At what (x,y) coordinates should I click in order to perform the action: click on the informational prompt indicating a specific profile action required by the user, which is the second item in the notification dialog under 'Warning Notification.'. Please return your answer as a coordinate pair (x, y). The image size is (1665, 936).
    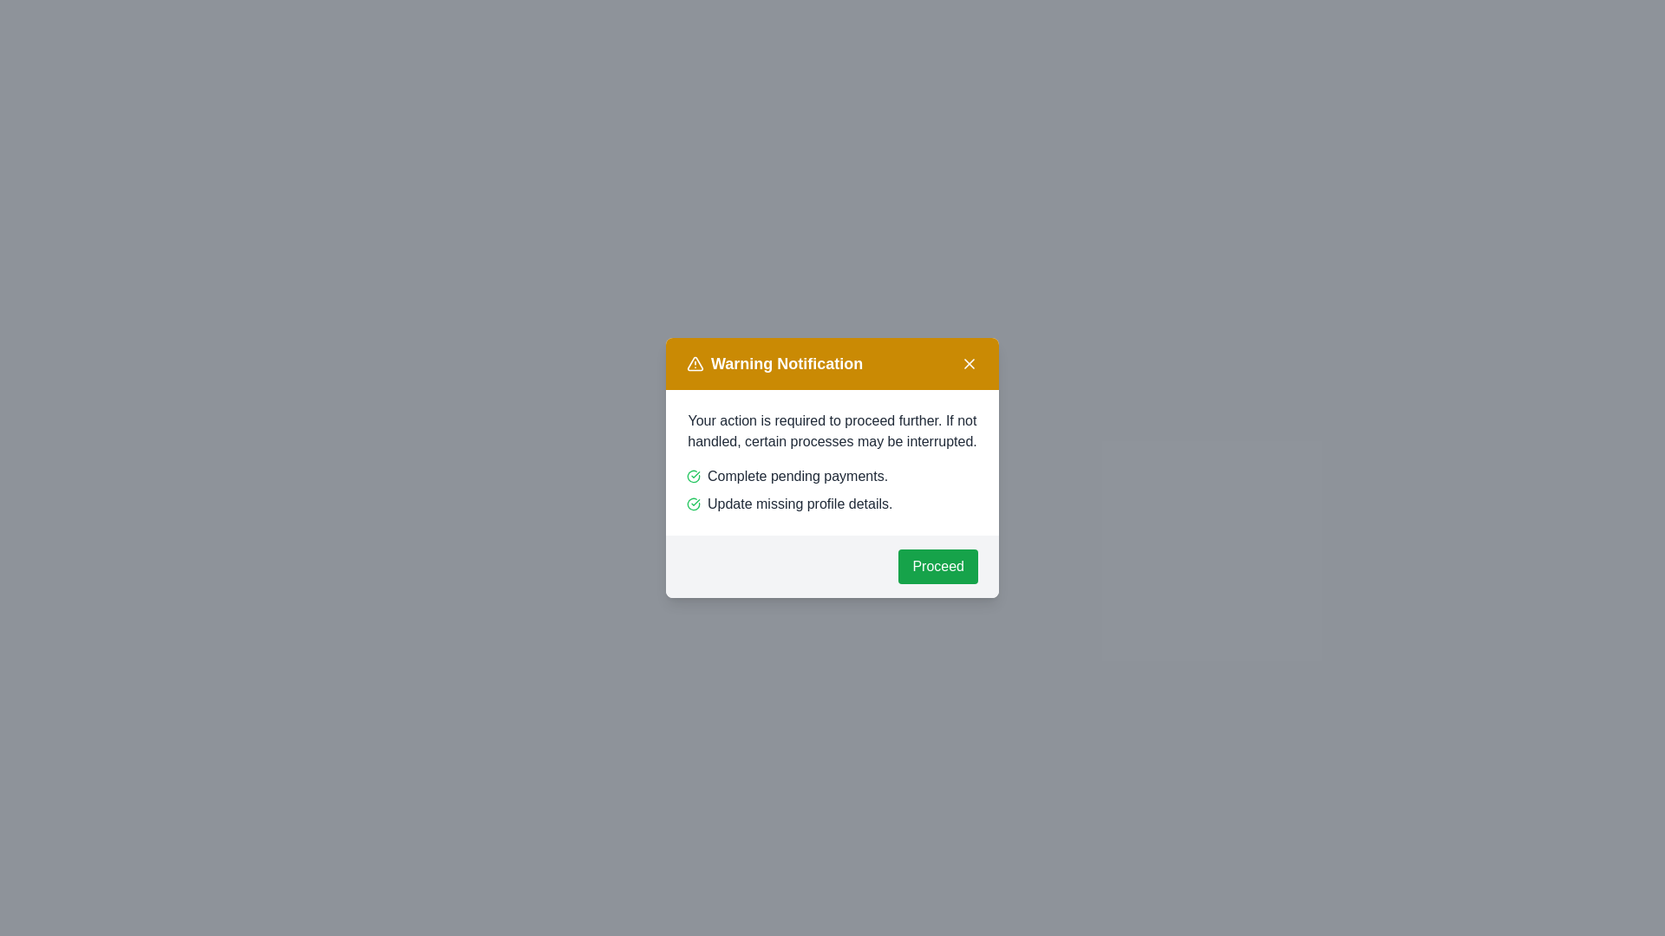
    Looking at the image, I should click on (832, 504).